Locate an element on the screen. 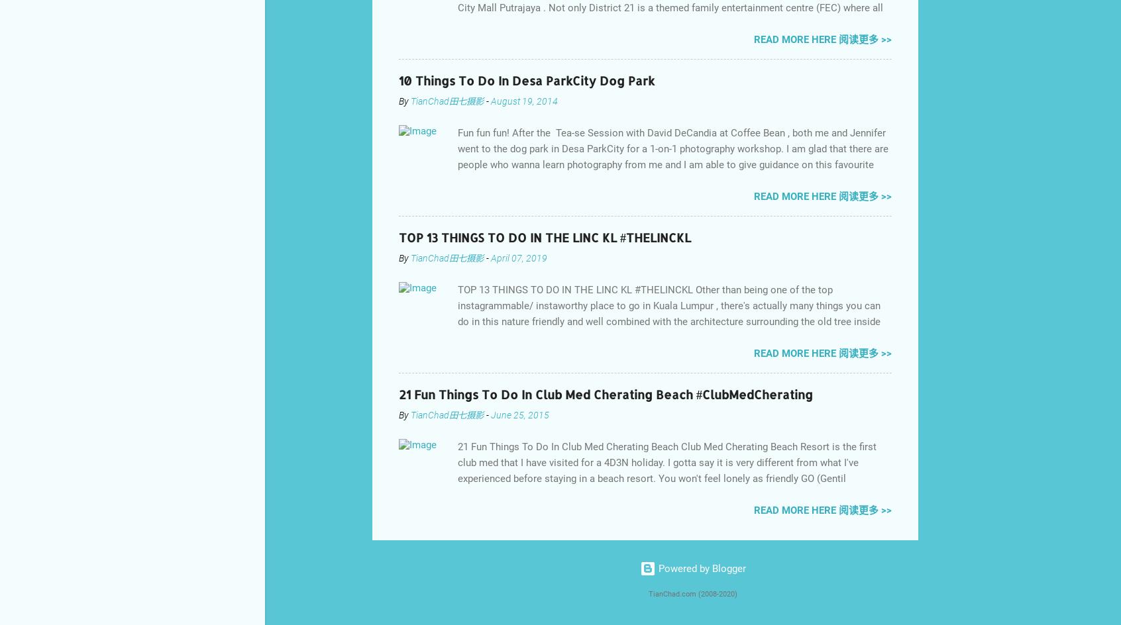 The height and width of the screenshot is (625, 1121). 'TOP 13 THINGS TO DO IN THE LINC KL #THELINCKL' is located at coordinates (545, 236).